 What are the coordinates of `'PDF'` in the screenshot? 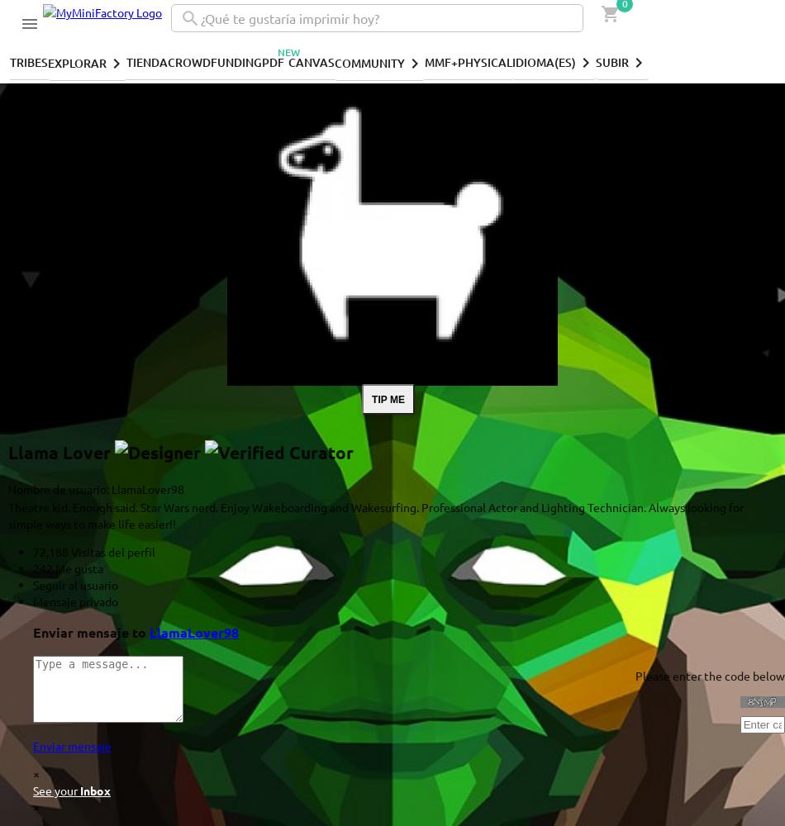 It's located at (261, 60).